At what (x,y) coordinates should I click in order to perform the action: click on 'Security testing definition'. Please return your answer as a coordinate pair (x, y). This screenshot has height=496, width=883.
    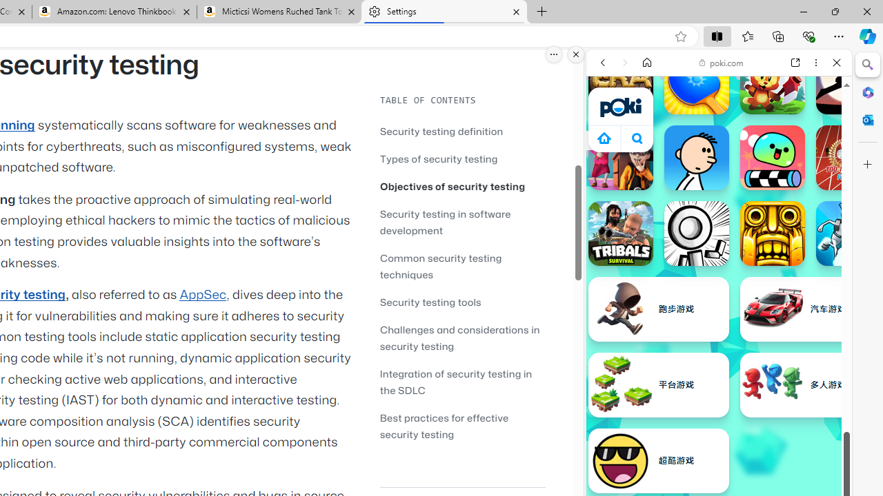
    Looking at the image, I should click on (462, 131).